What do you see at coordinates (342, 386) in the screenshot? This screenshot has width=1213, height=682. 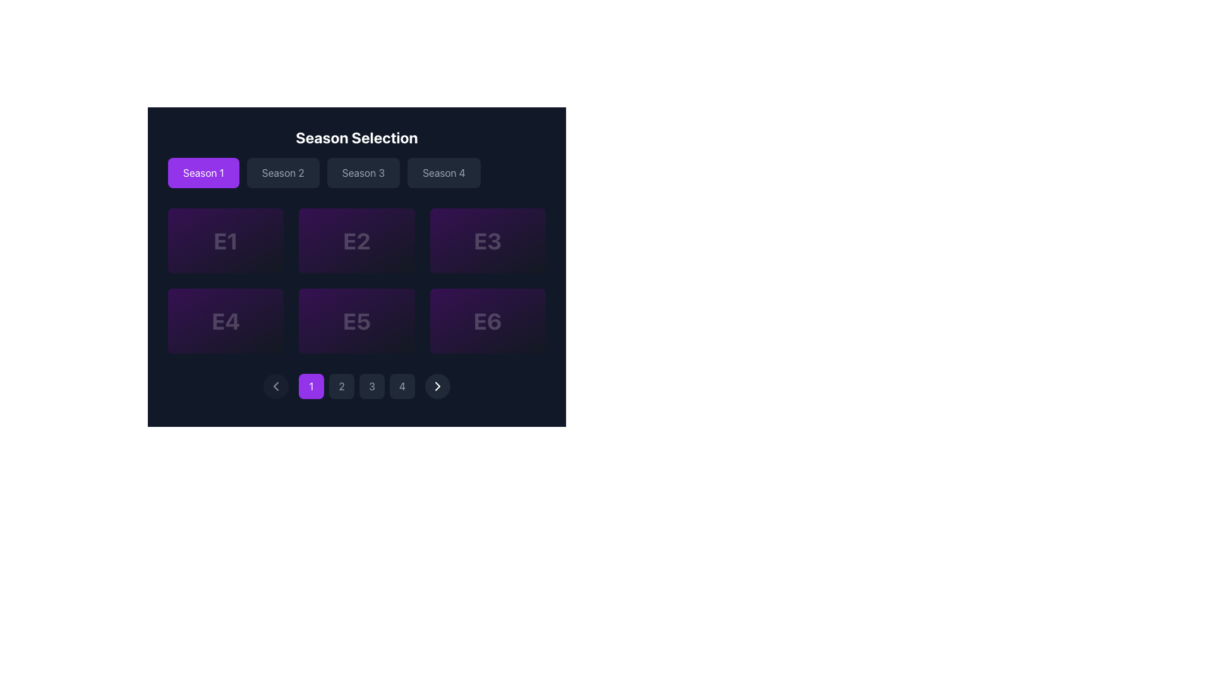 I see `the button labeled '2' that has a light gray color on a dark background` at bounding box center [342, 386].